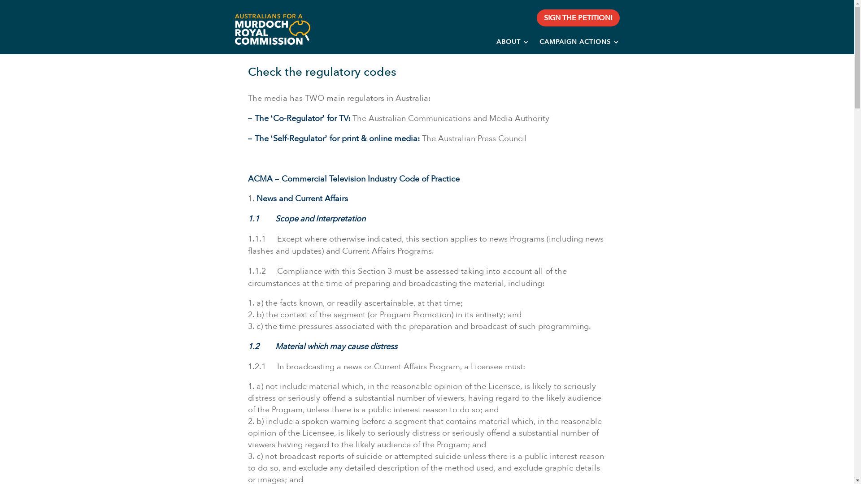  I want to click on 'Australians for a Murdoch Royal Commission', so click(234, 29).